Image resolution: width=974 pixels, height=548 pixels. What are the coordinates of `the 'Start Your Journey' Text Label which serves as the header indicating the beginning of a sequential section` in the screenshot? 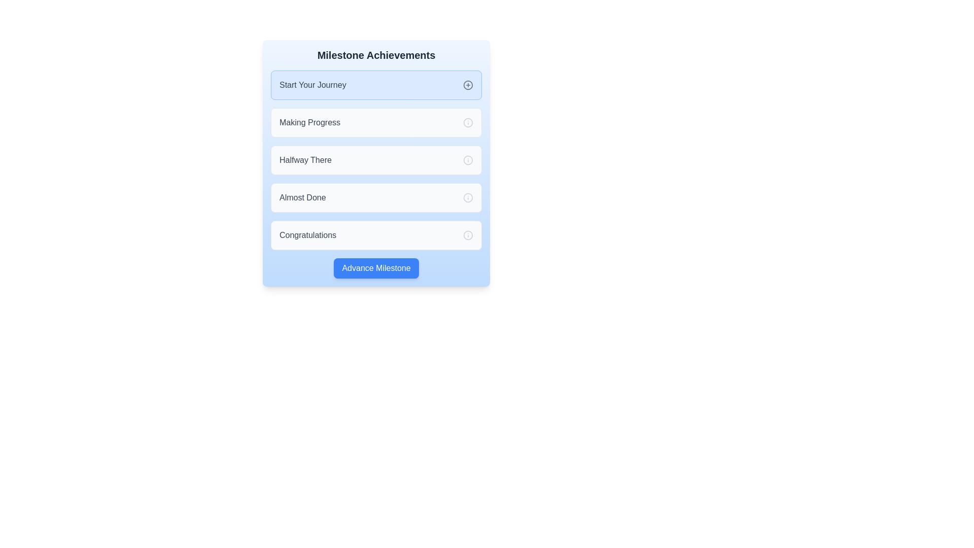 It's located at (312, 85).